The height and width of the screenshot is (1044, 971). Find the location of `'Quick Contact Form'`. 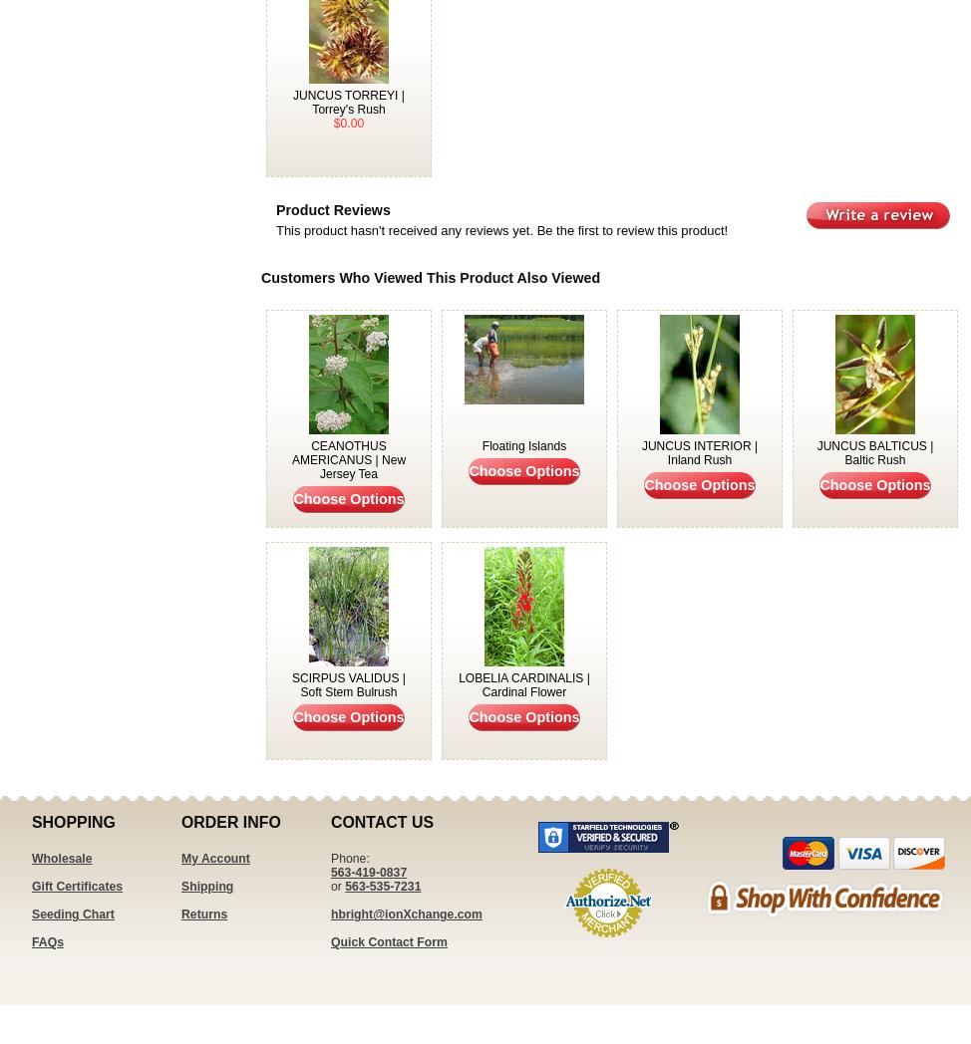

'Quick Contact Form' is located at coordinates (388, 942).